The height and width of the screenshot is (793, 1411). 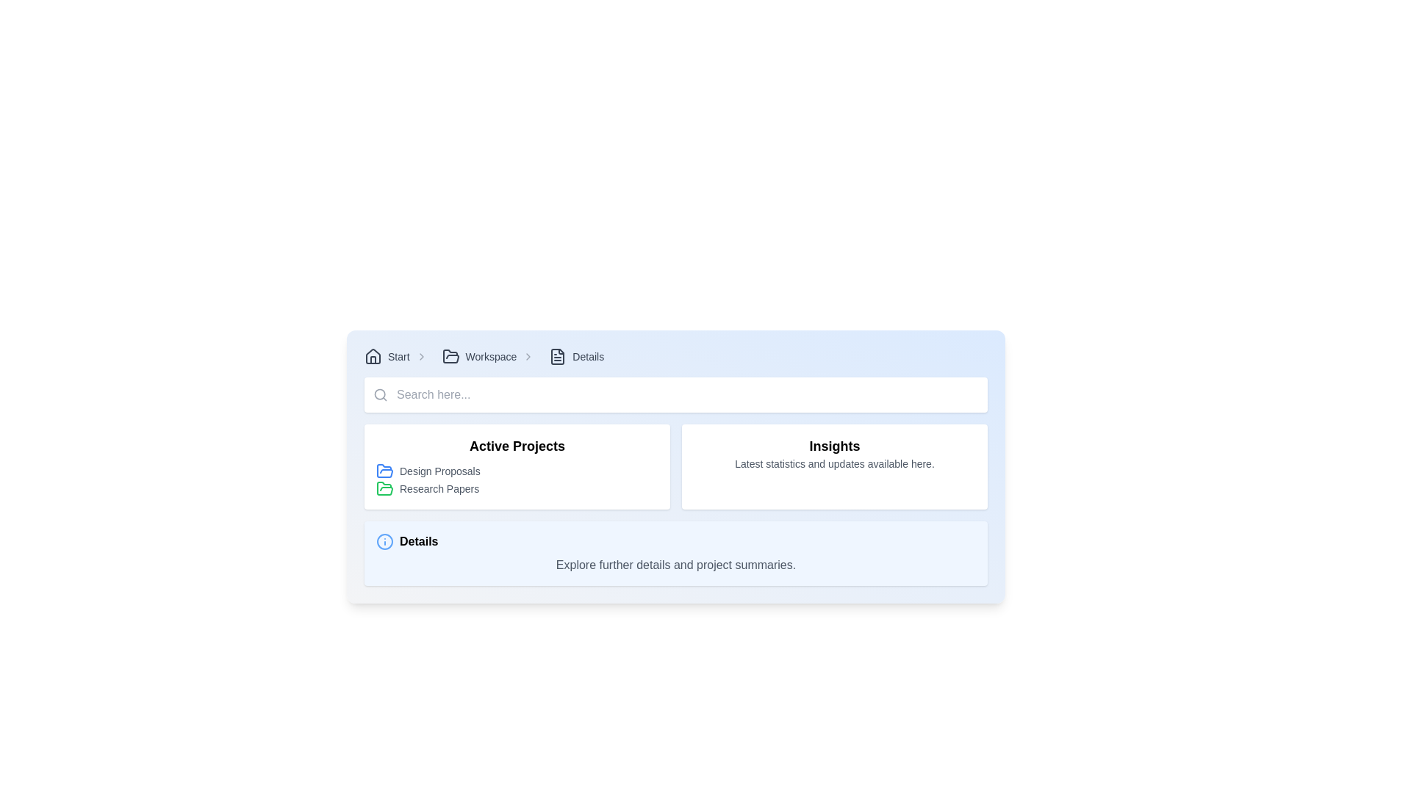 What do you see at coordinates (384, 471) in the screenshot?
I see `the second icon in the breadcrumb navigation section` at bounding box center [384, 471].